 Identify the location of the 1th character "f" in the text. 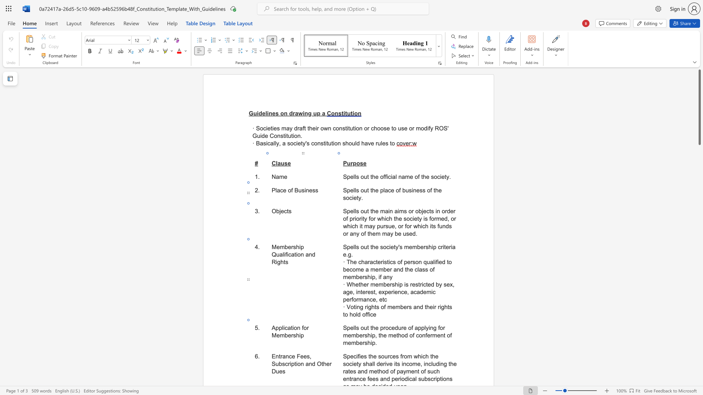
(384, 307).